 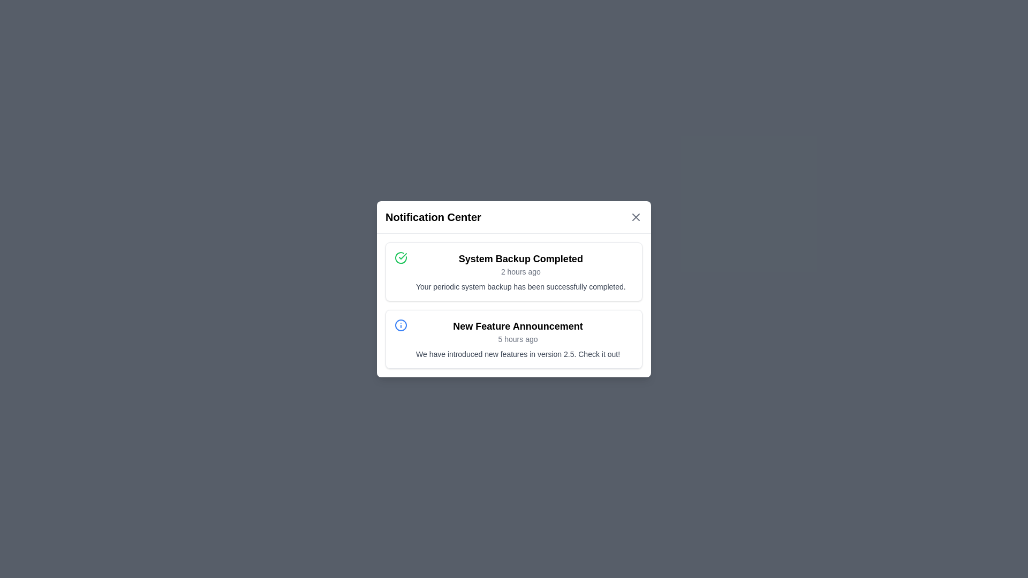 I want to click on the notification text content block that displays 'New Feature Announcement' in the Notification Center dialog, located below the 'System Backup Completed' notification, so click(x=518, y=339).